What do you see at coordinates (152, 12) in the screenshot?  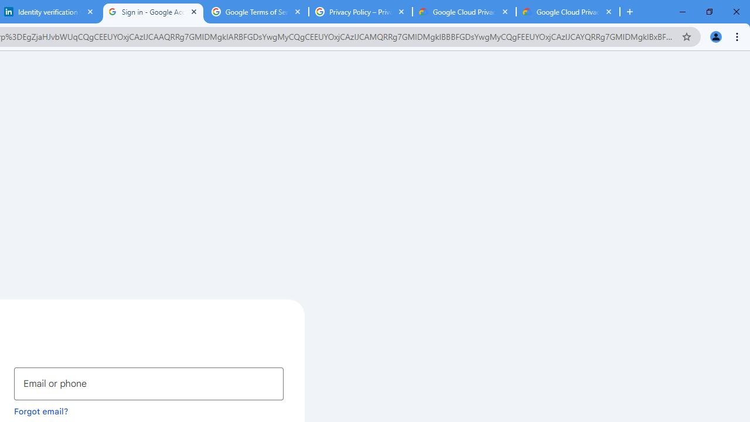 I see `'Sign in - Google Accounts'` at bounding box center [152, 12].